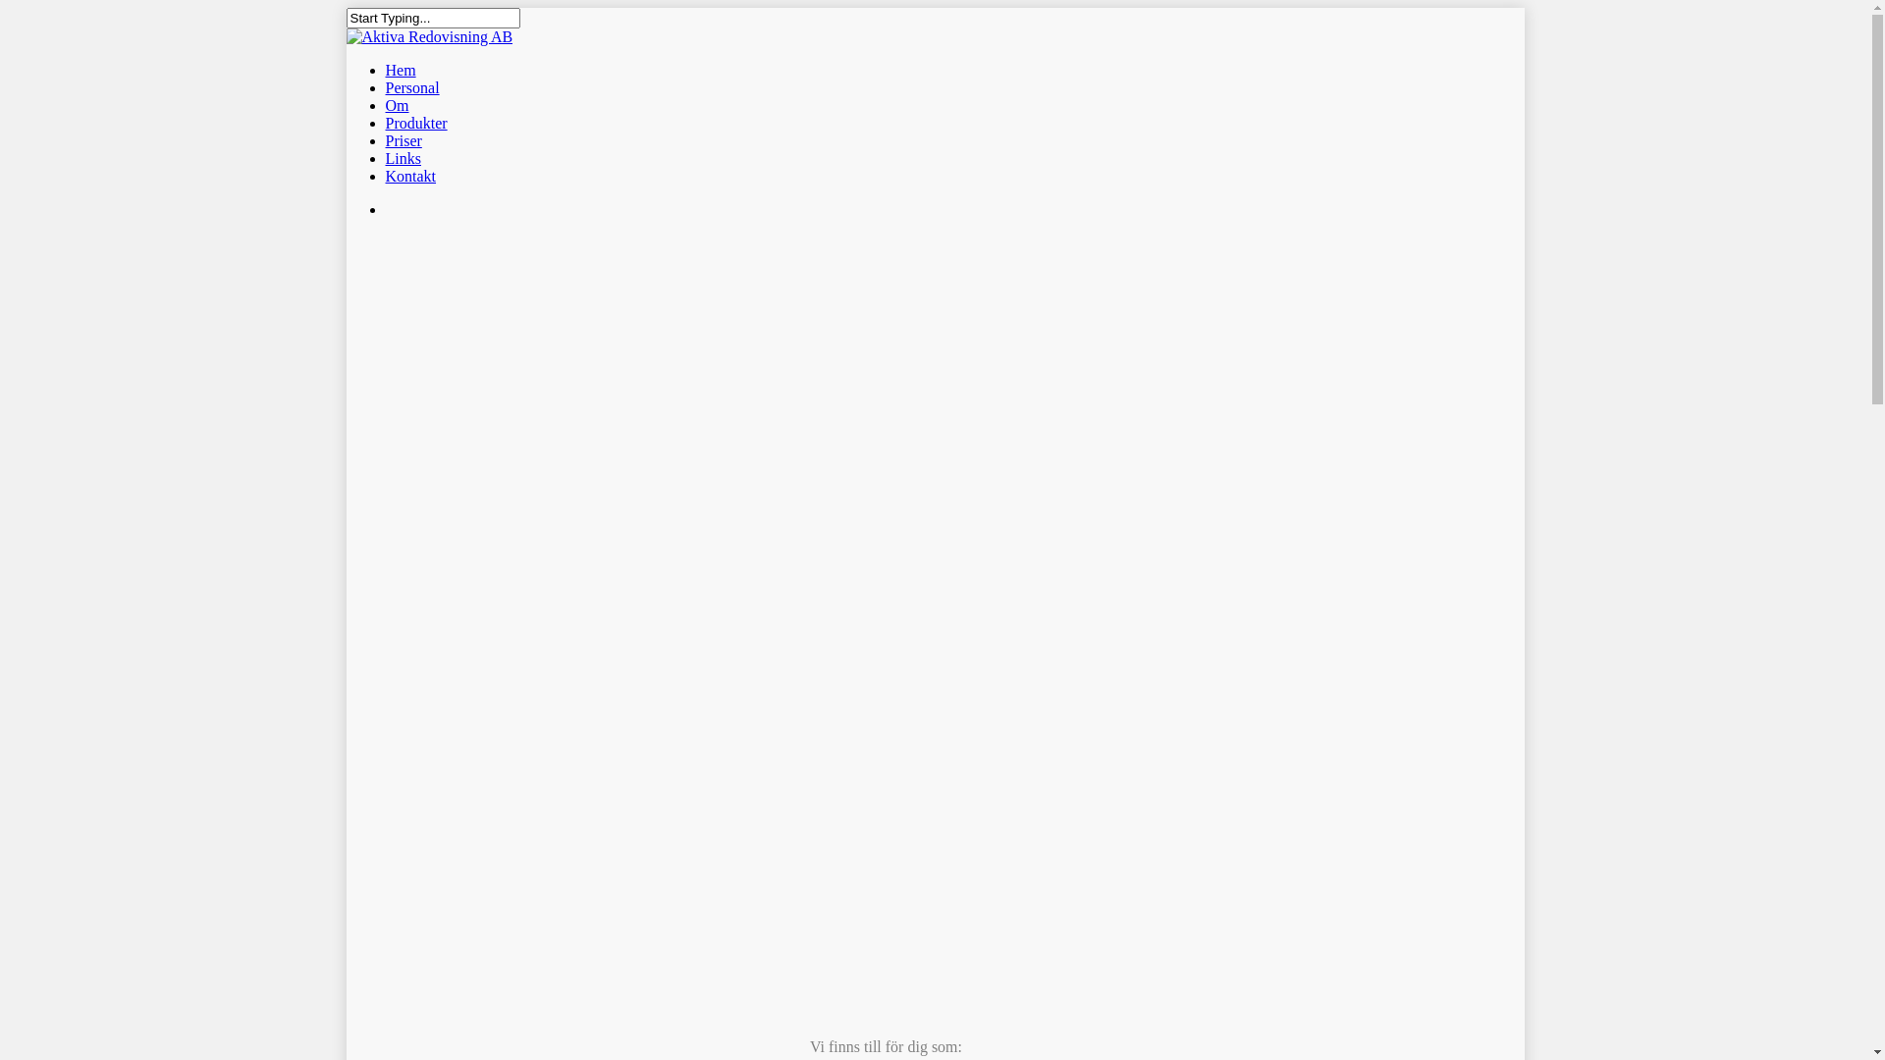 This screenshot has width=1885, height=1060. What do you see at coordinates (401, 157) in the screenshot?
I see `'Links'` at bounding box center [401, 157].